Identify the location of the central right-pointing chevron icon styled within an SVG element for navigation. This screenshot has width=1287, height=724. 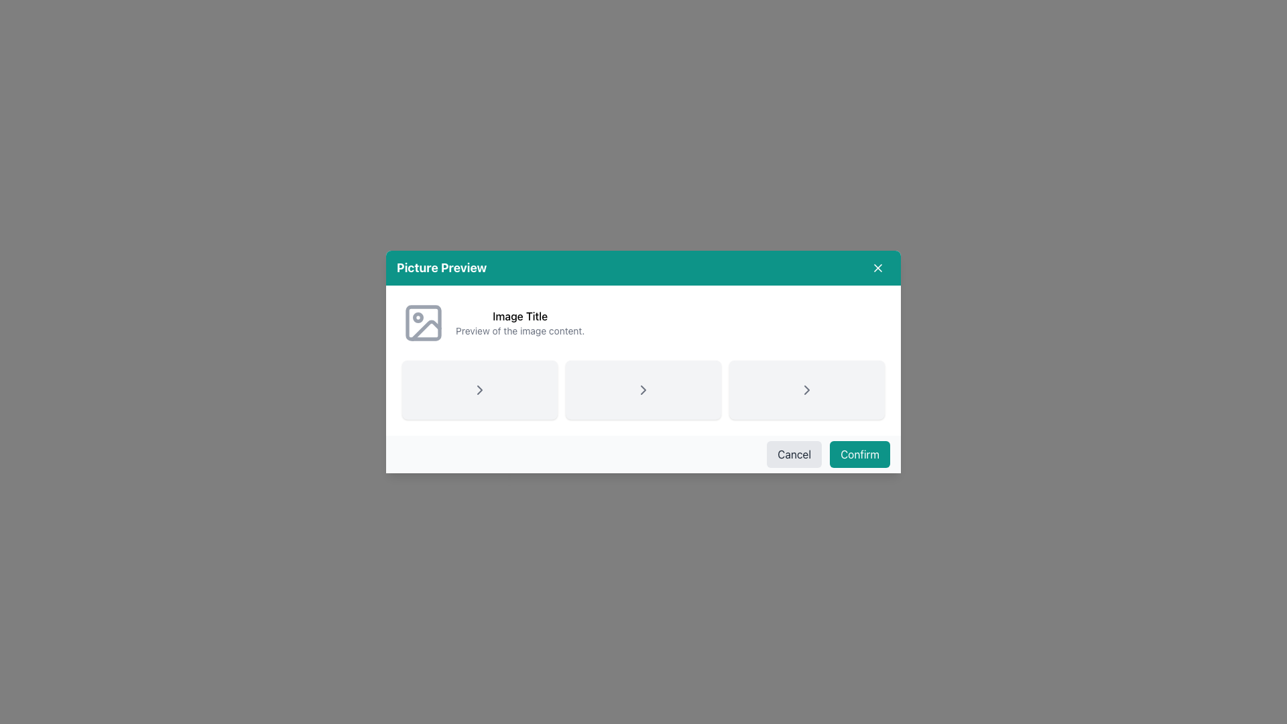
(643, 390).